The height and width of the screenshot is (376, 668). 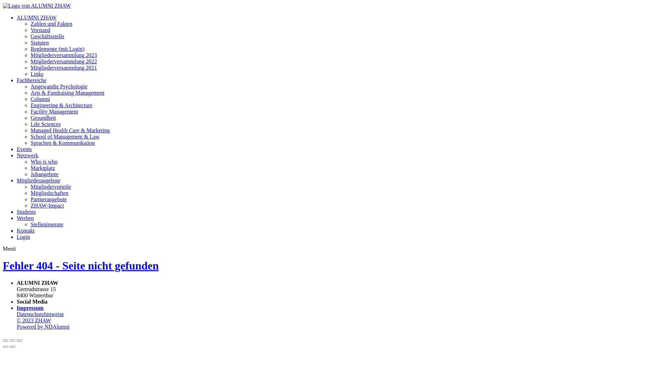 What do you see at coordinates (43, 117) in the screenshot?
I see `'Gesundheit'` at bounding box center [43, 117].